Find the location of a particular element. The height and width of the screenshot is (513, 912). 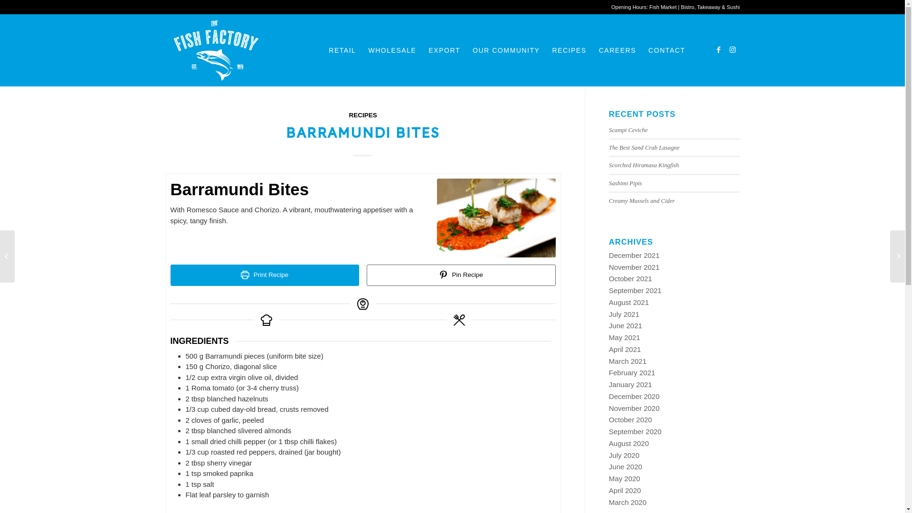

'Print Recipe' is located at coordinates (264, 275).